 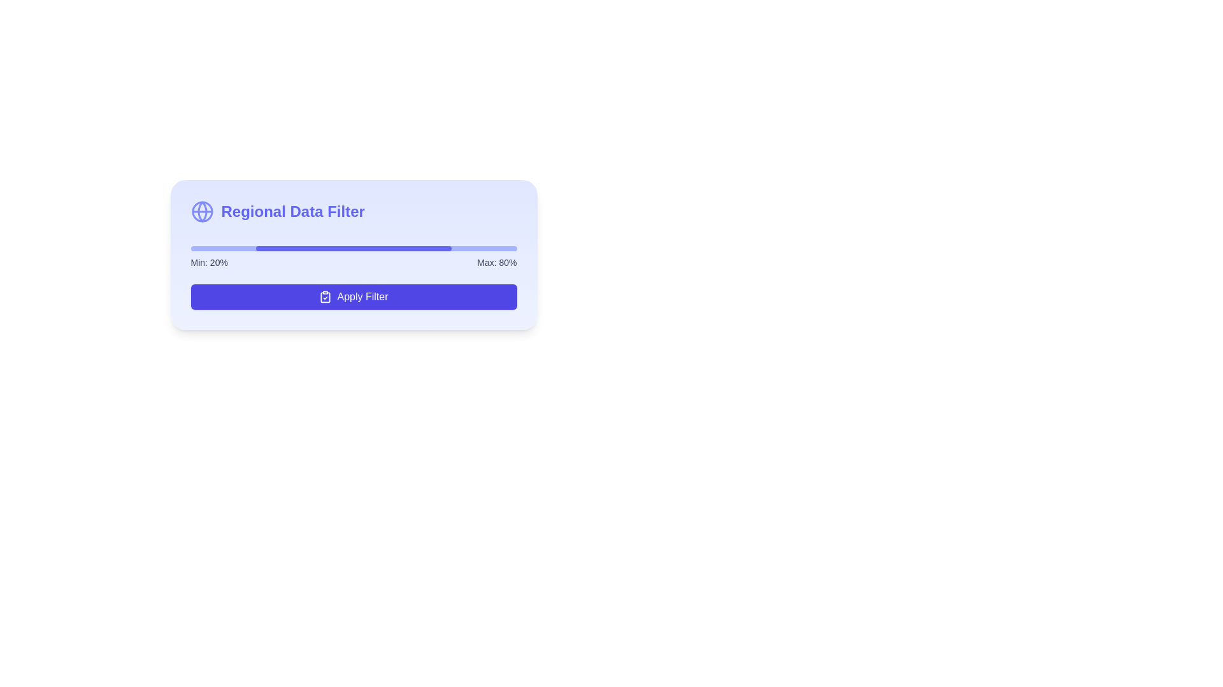 I want to click on the filter value, so click(x=344, y=248).